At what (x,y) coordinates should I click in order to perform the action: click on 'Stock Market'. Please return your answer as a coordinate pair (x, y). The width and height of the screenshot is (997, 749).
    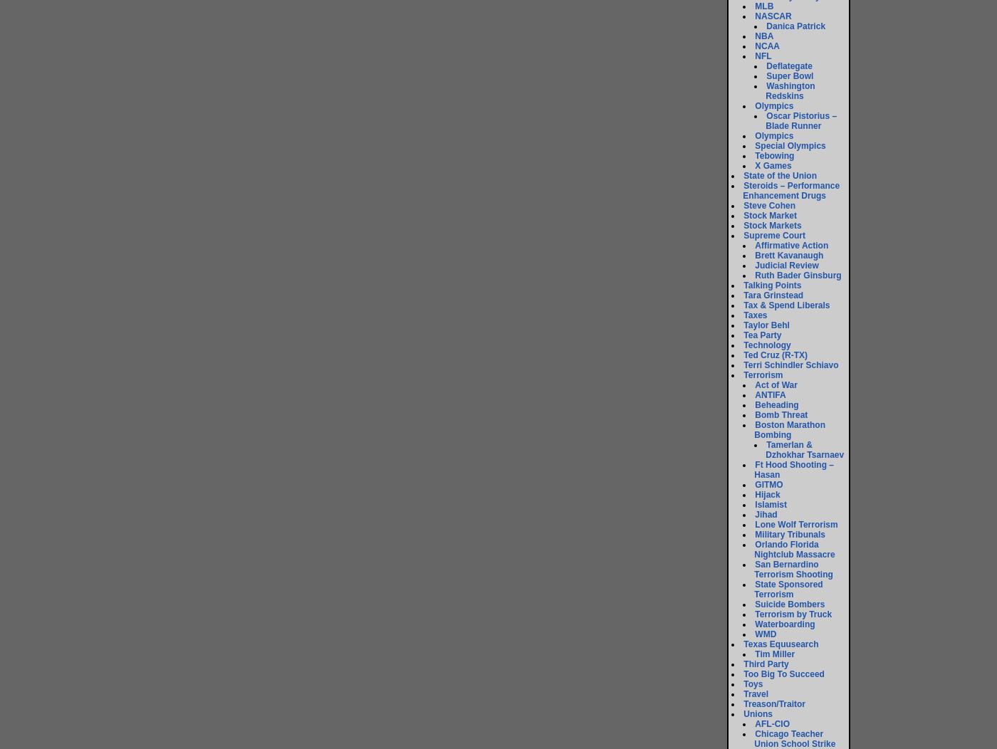
    Looking at the image, I should click on (770, 215).